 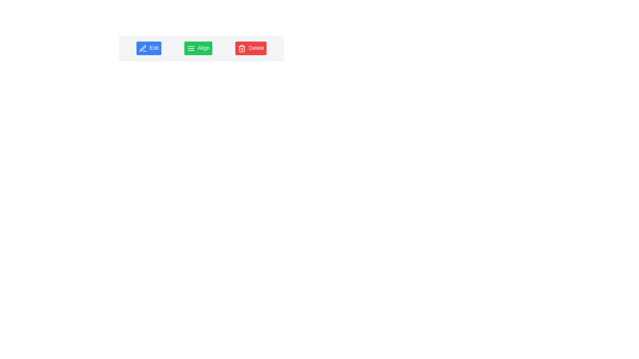 I want to click on the 'Edit' button which contains a white pen icon on a blue background, located at the top-left section of the interface, so click(x=142, y=48).